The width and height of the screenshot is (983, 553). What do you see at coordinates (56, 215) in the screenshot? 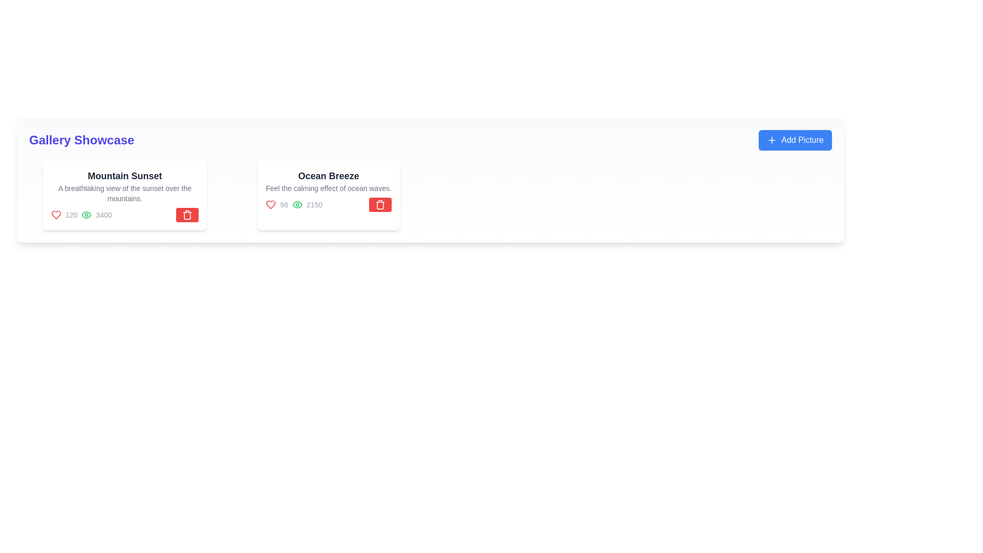
I see `the heart icon, which is red and symbolizes likes or favorites, located before the text '120' in the metadata section below 'Mountain Sunset'` at bounding box center [56, 215].